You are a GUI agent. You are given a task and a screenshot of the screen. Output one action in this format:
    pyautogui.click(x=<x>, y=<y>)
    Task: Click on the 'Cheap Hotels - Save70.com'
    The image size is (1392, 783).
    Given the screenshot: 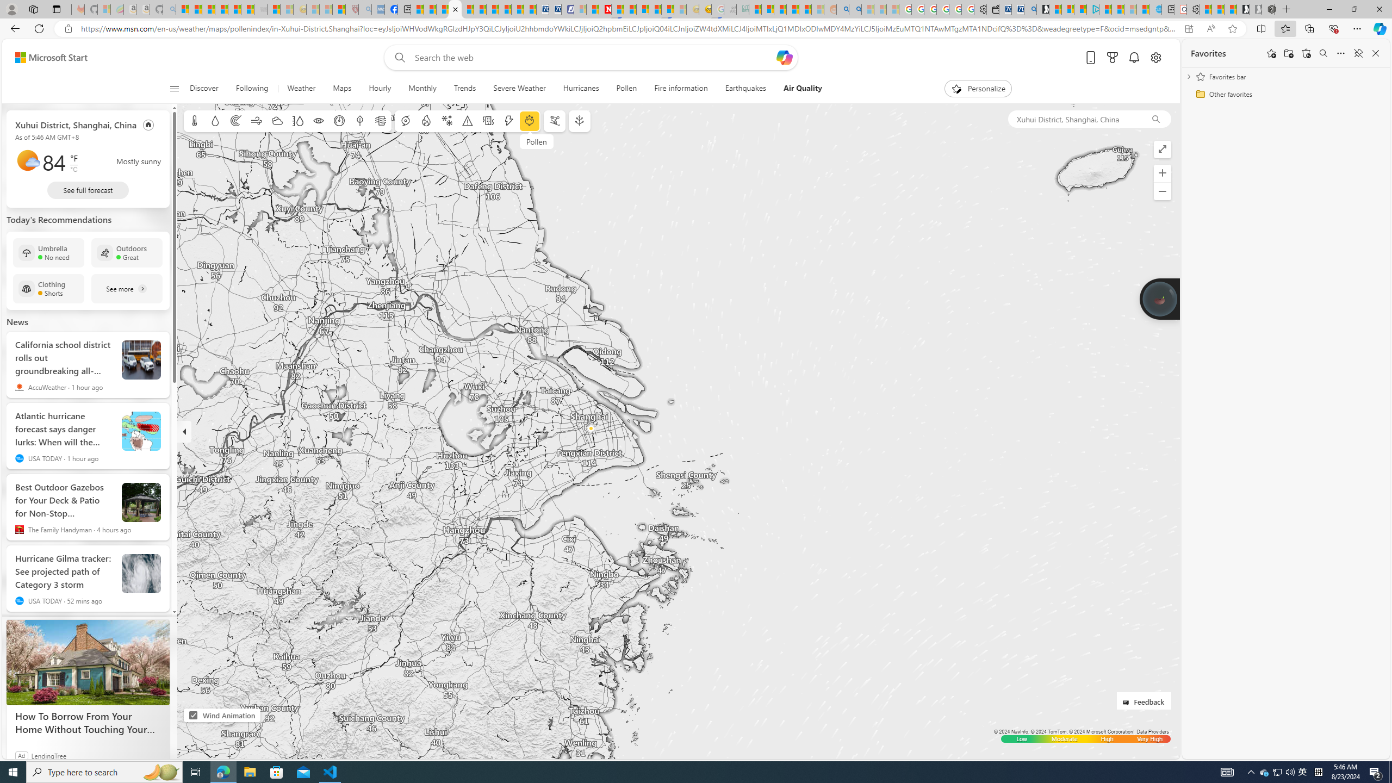 What is the action you would take?
    pyautogui.click(x=555, y=9)
    